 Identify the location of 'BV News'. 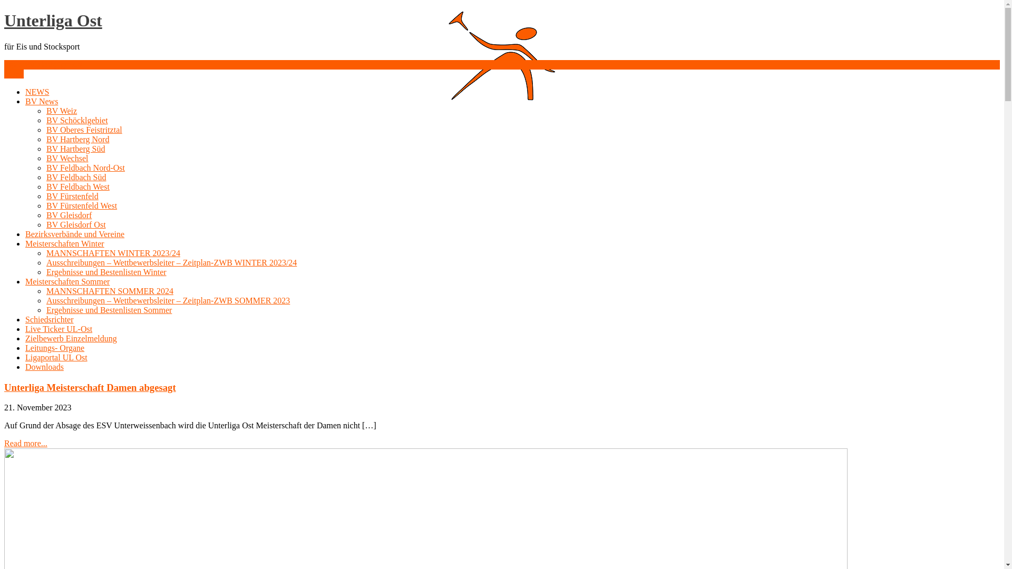
(41, 101).